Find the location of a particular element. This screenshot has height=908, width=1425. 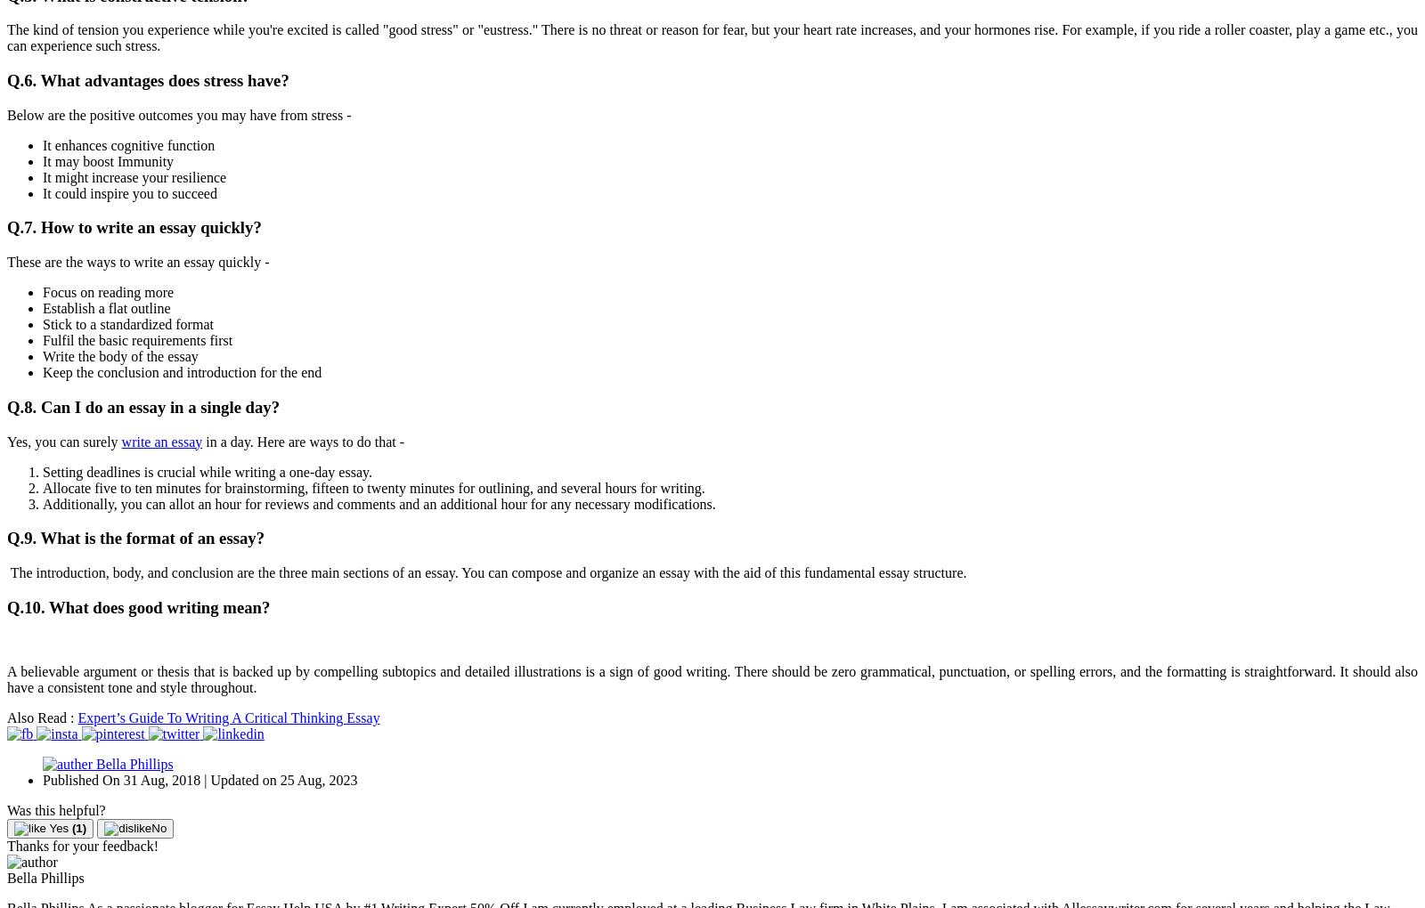

'It might increase your resilience' is located at coordinates (134, 175).